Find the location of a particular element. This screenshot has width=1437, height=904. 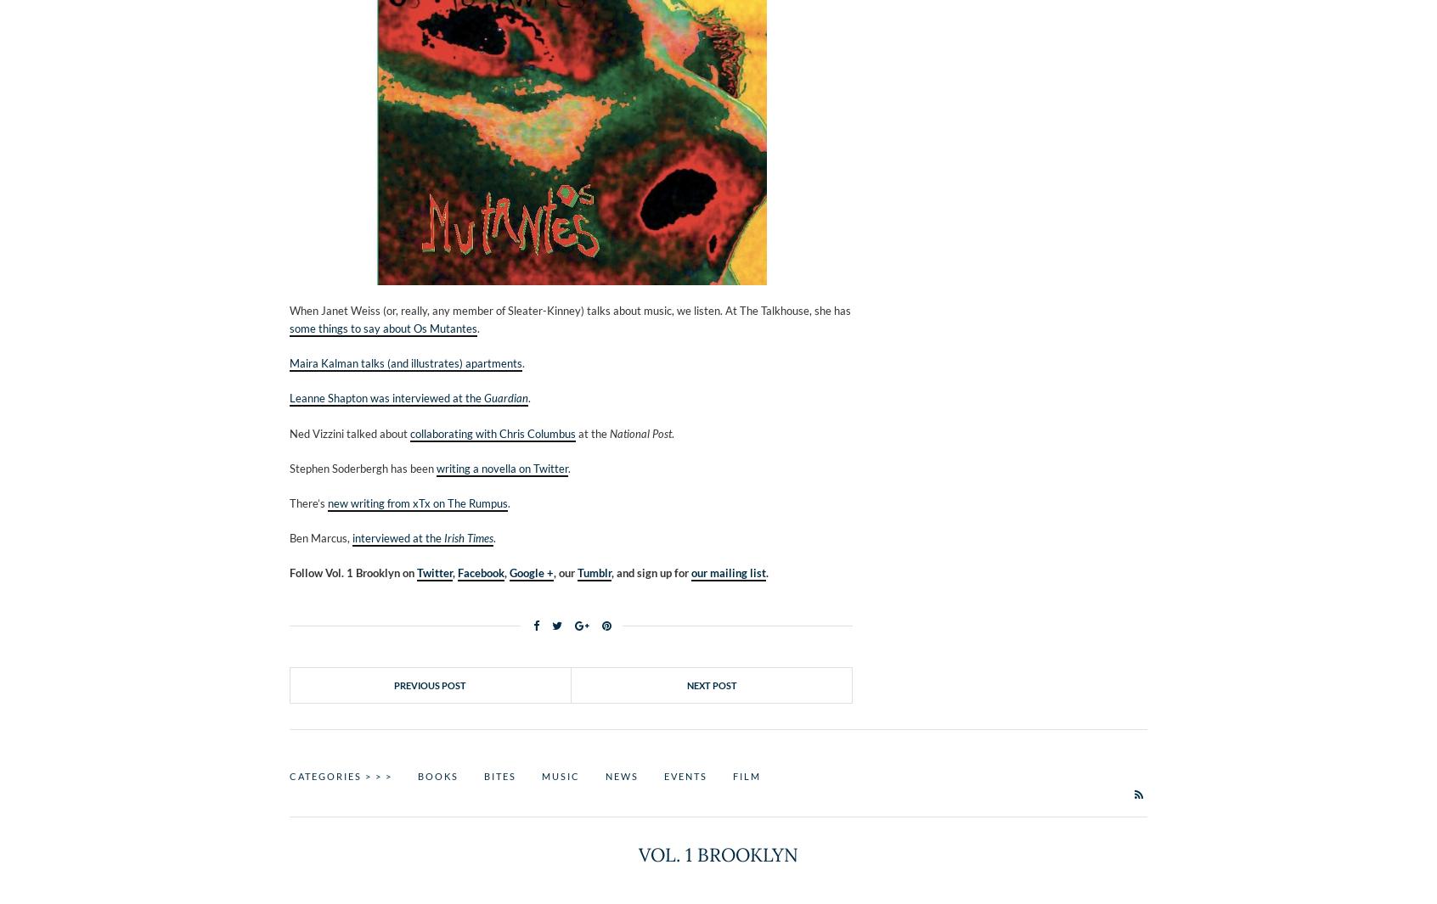

'Leanne Shapton was interviewed at the' is located at coordinates (386, 397).